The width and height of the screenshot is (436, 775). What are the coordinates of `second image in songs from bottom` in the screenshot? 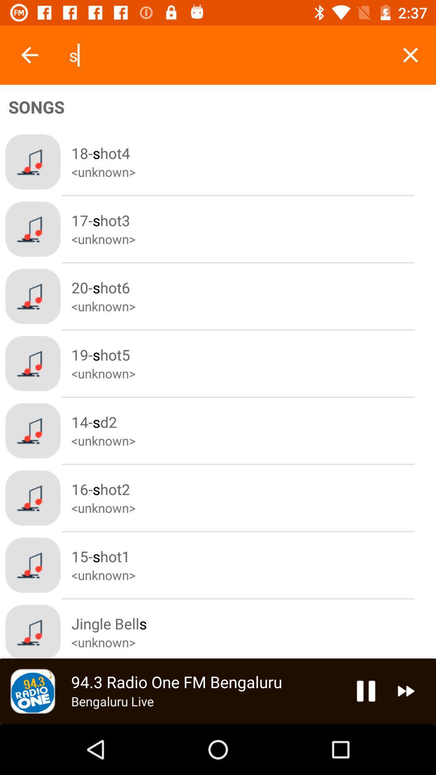 It's located at (32, 565).